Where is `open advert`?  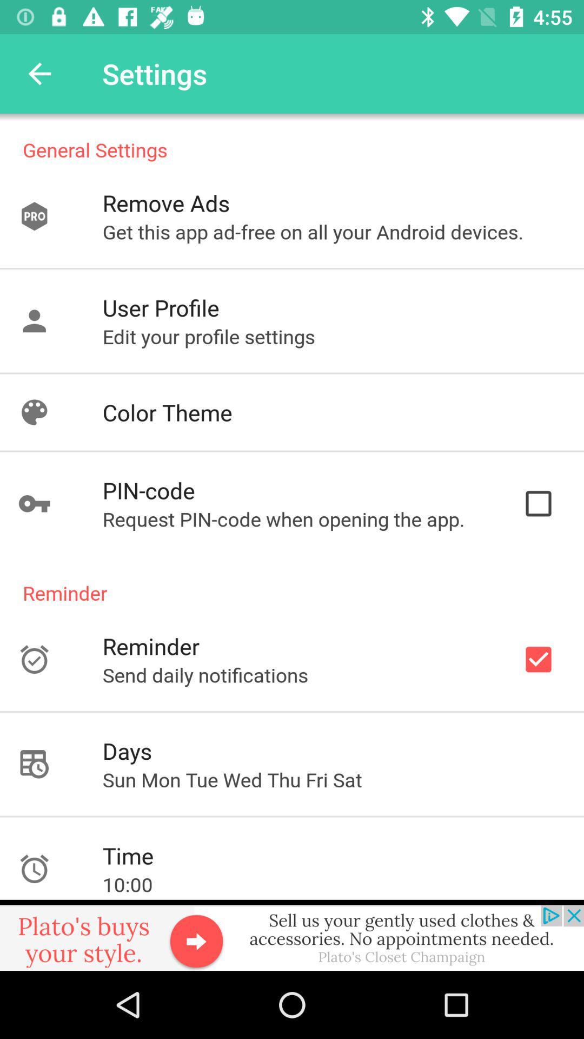
open advert is located at coordinates (292, 935).